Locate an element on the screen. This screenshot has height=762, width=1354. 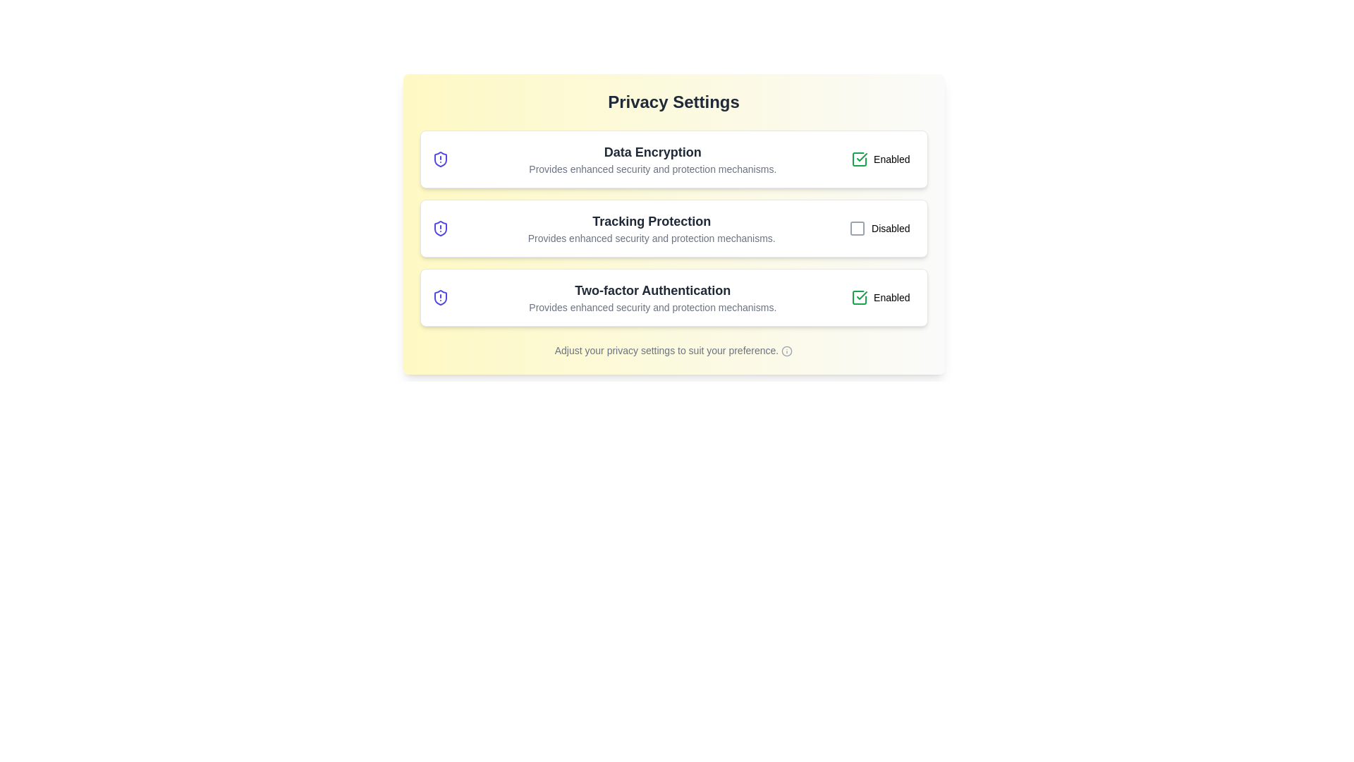
the small green checkmark icon located in the 'Two-factor Authentication' section of the 'Privacy Settings' layout is located at coordinates (861, 295).